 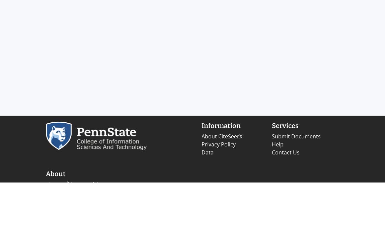 What do you see at coordinates (56, 184) in the screenshot?
I see `'CiteSeer'` at bounding box center [56, 184].